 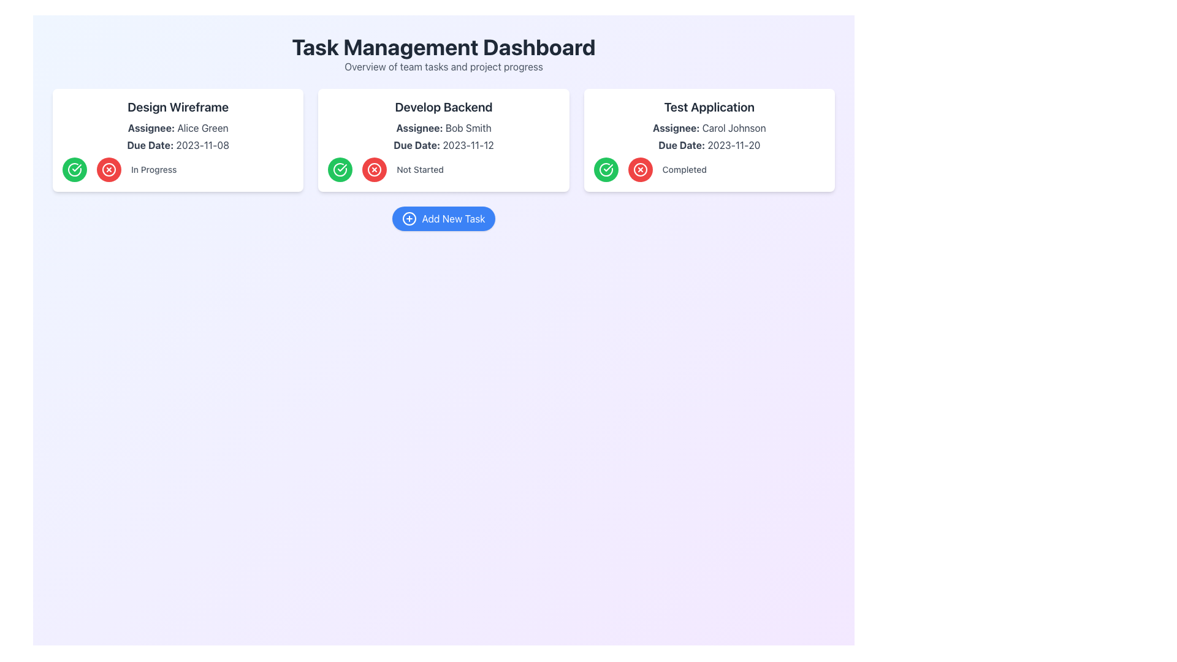 What do you see at coordinates (74, 170) in the screenshot?
I see `the small circular green button with a check mark icon located in the 'Design Wireframe' card to mark the task as complete or in progress` at bounding box center [74, 170].